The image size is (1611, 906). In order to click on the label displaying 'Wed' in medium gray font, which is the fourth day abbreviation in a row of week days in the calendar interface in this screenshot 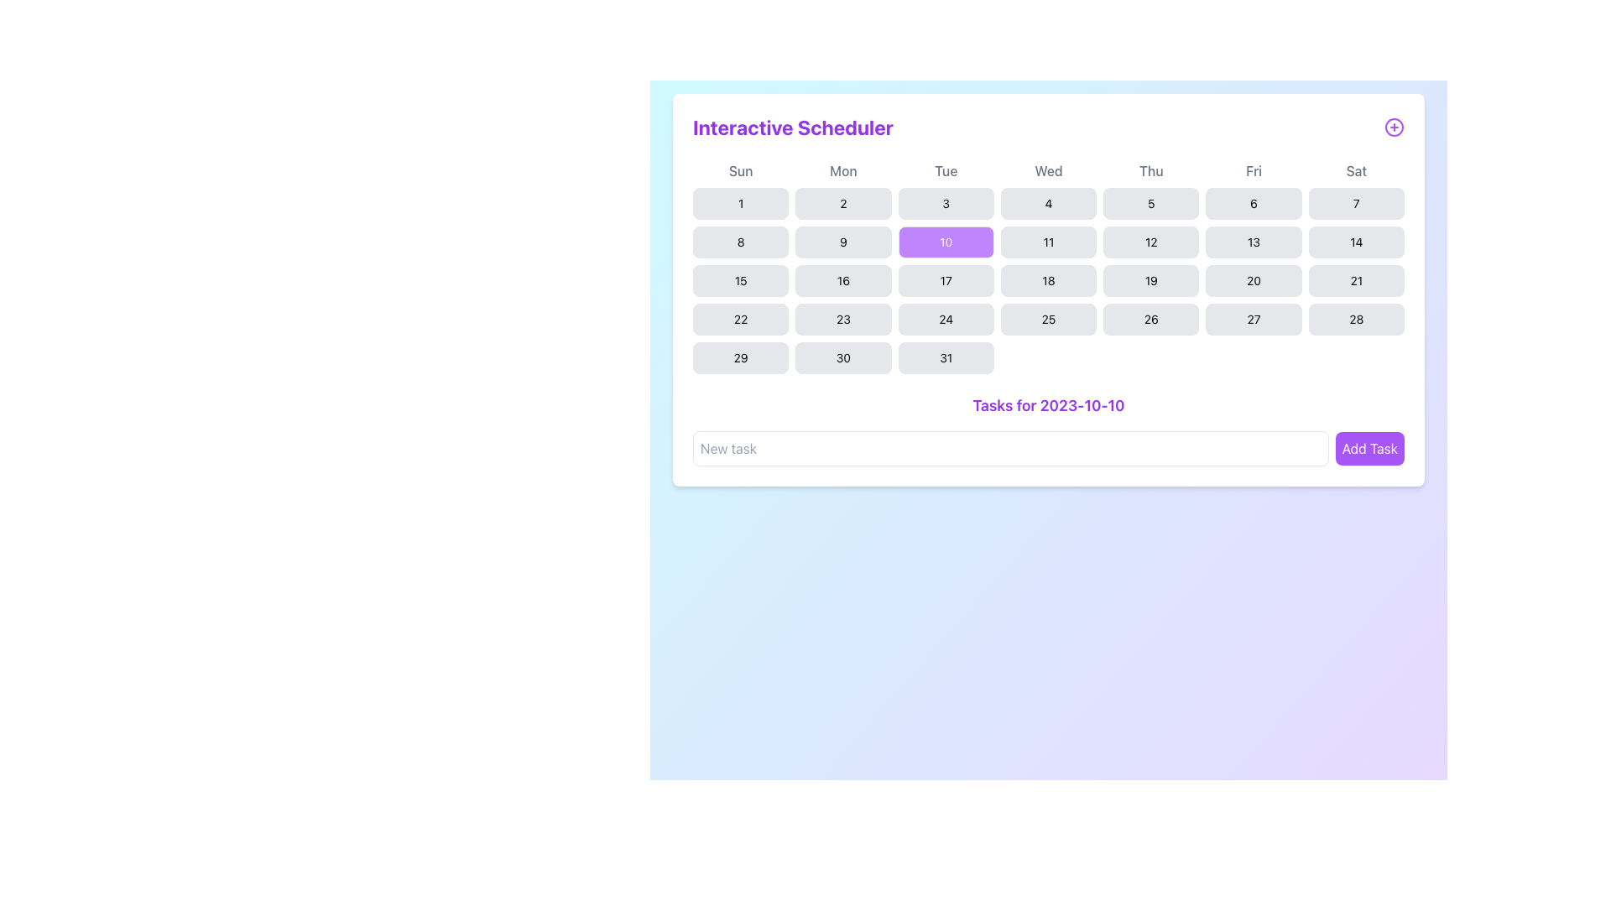, I will do `click(1047, 171)`.